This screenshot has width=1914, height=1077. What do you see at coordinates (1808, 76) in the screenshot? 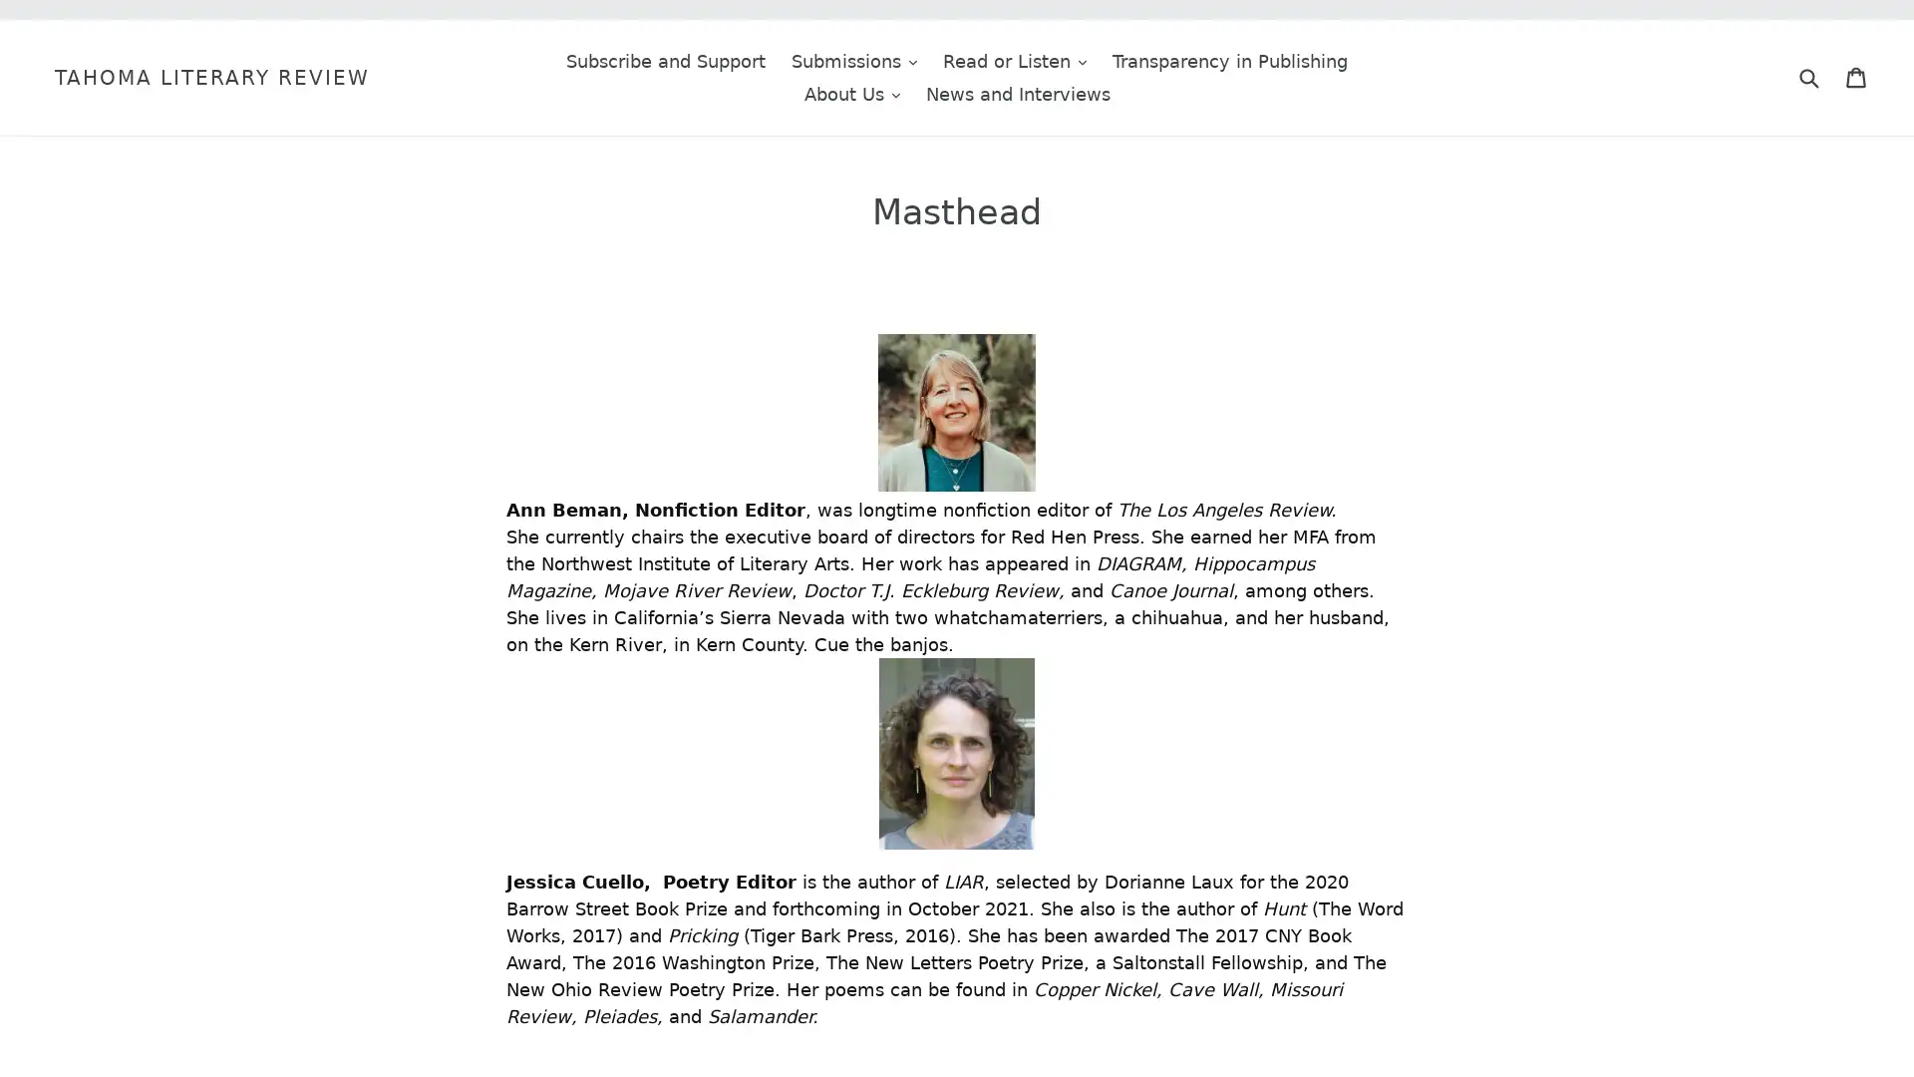
I see `Submit` at bounding box center [1808, 76].